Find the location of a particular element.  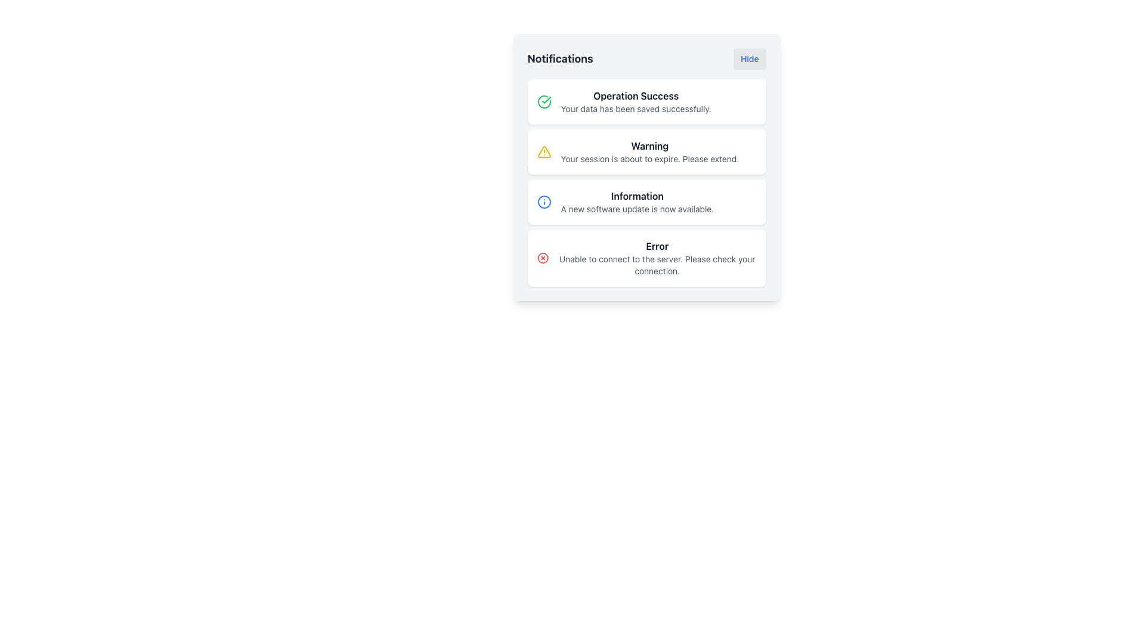

message displayed in the notification card that states 'Your data has been saved successfully.' located under the headline 'Operation Success' is located at coordinates (635, 109).